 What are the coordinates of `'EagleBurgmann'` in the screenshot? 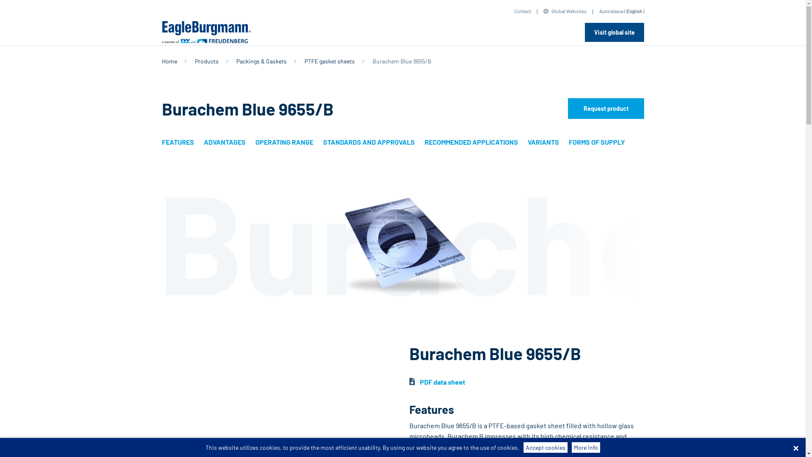 It's located at (206, 32).